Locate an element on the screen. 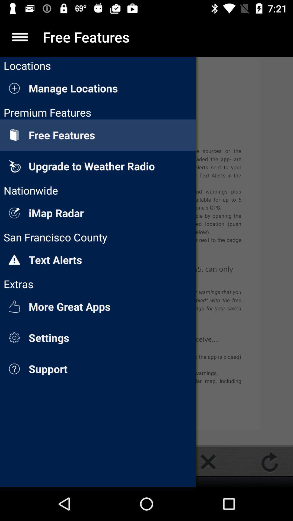 The image size is (293, 521). press reload button is located at coordinates (270, 462).